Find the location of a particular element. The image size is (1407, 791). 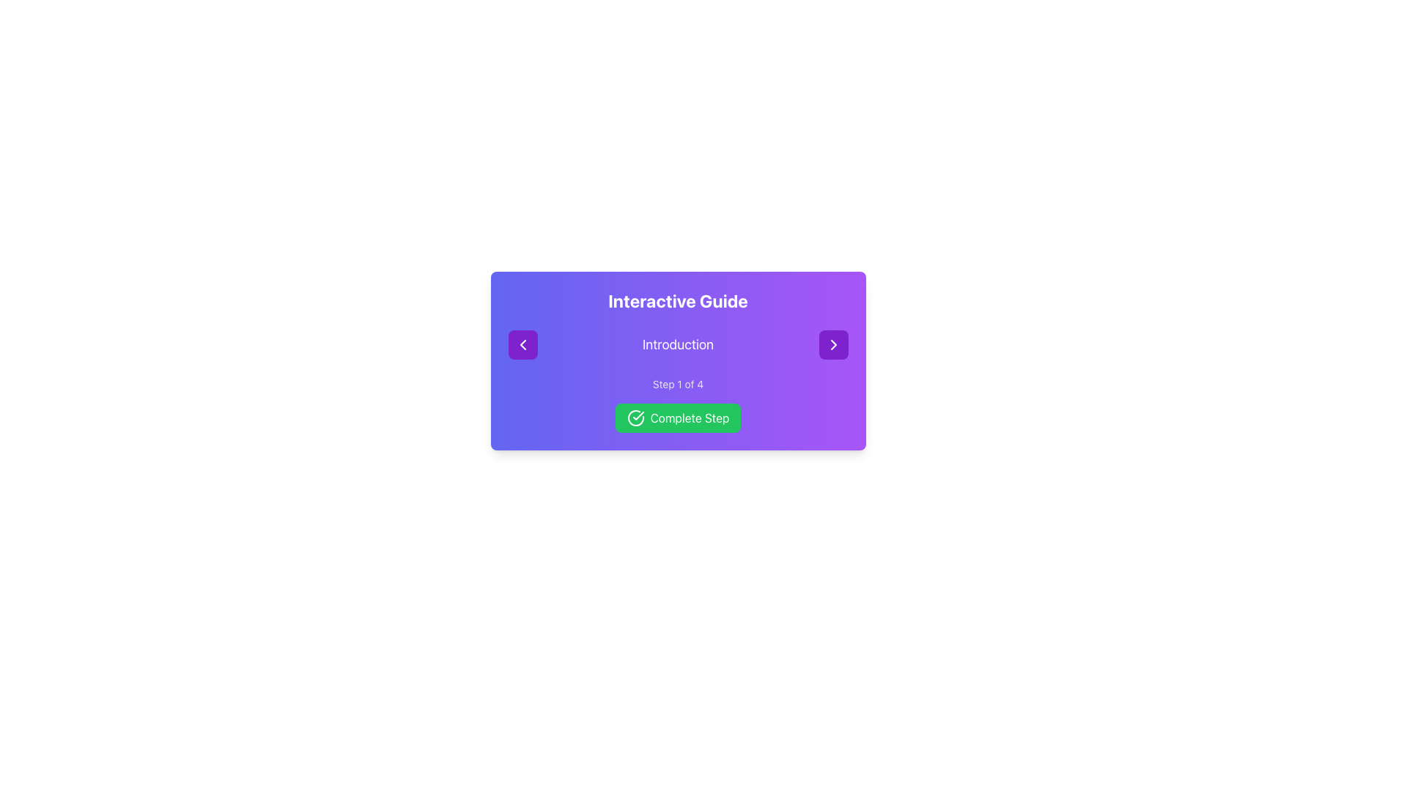

the green circular icon with a check mark, which is positioned to the left of the 'Complete Step' button text at the bottom-center of the content area is located at coordinates (635, 417).